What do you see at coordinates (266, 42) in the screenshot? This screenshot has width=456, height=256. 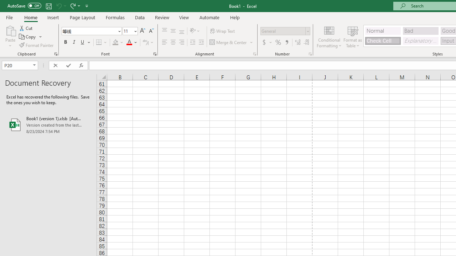 I see `'Accounting Number Format'` at bounding box center [266, 42].